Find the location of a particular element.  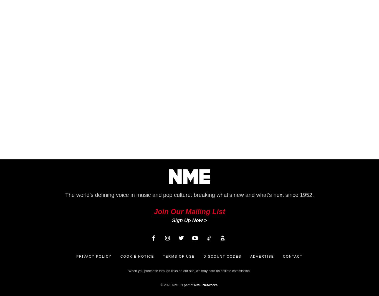

'Contact' is located at coordinates (292, 257).